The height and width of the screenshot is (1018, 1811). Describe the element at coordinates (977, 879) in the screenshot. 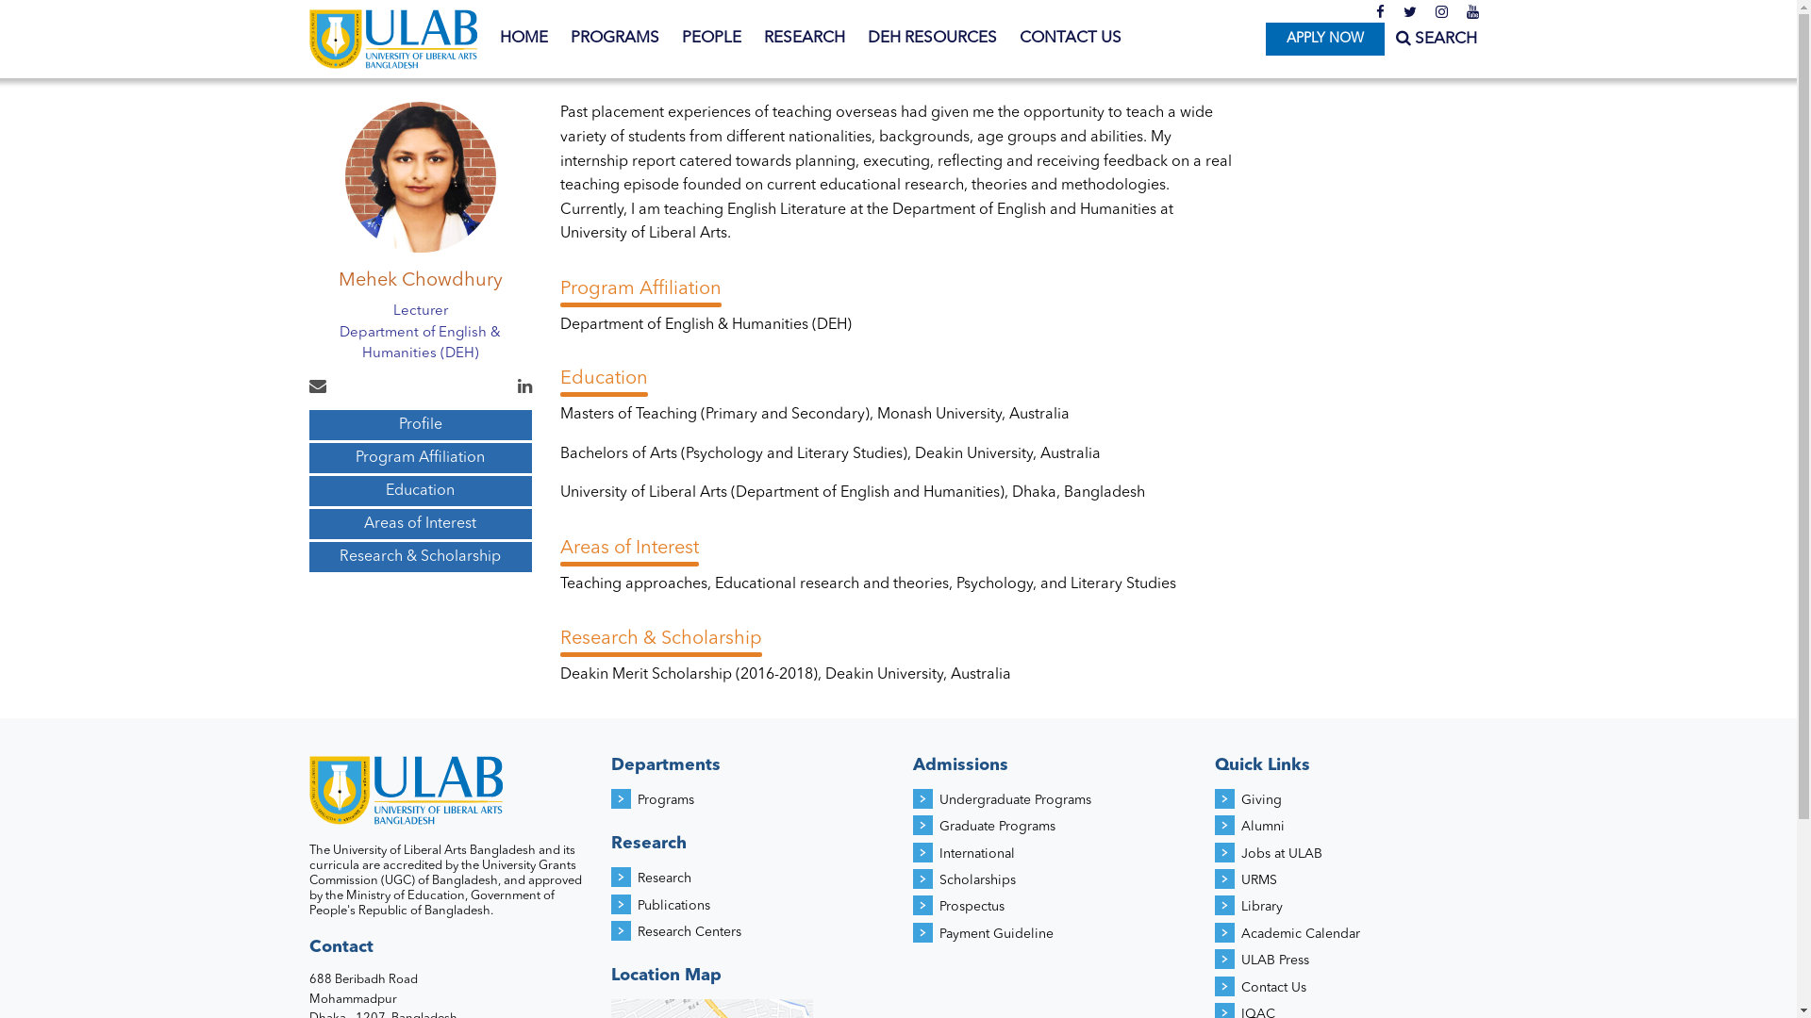

I see `'Scholarships'` at that location.